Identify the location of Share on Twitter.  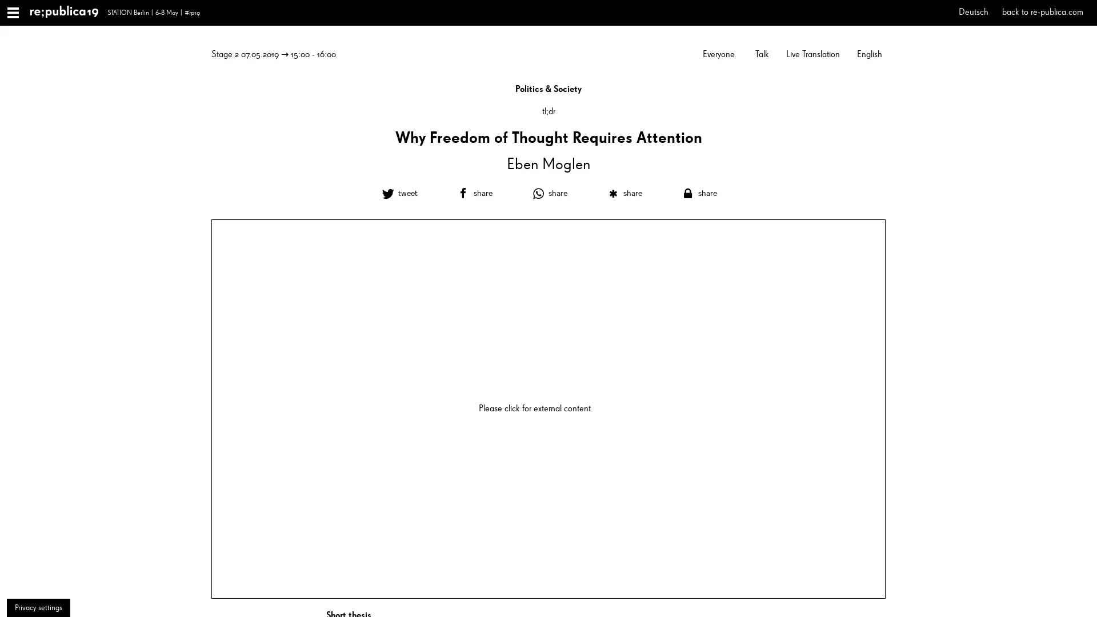
(398, 193).